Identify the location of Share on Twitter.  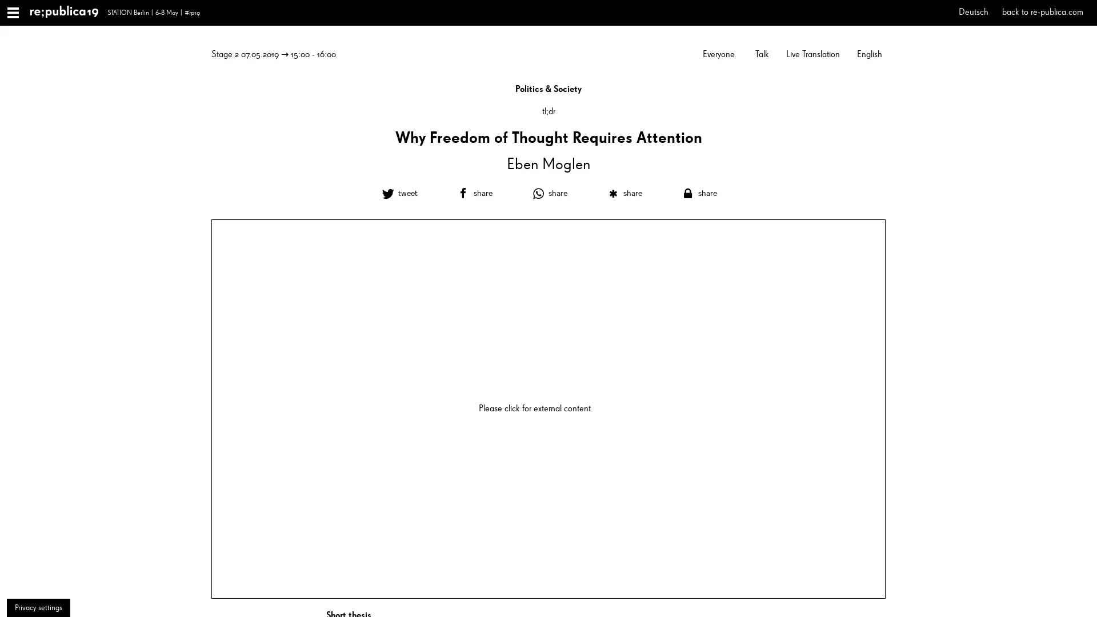
(398, 193).